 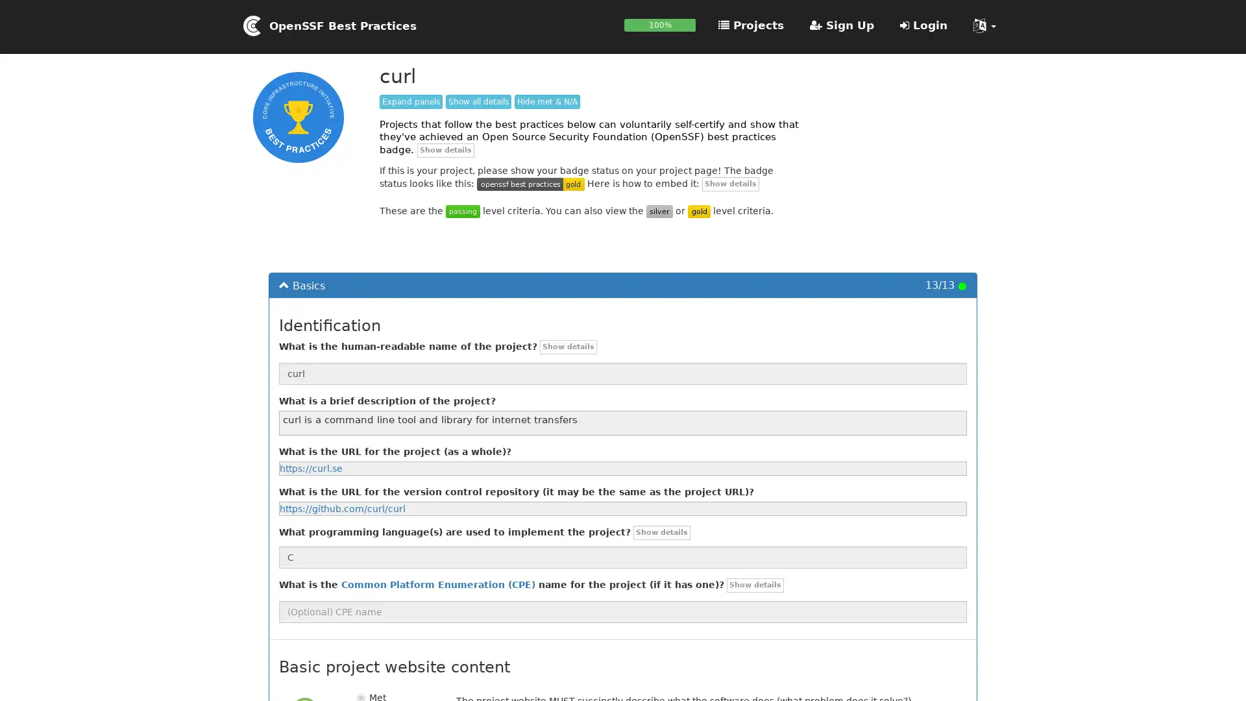 What do you see at coordinates (410, 101) in the screenshot?
I see `Expand panels` at bounding box center [410, 101].